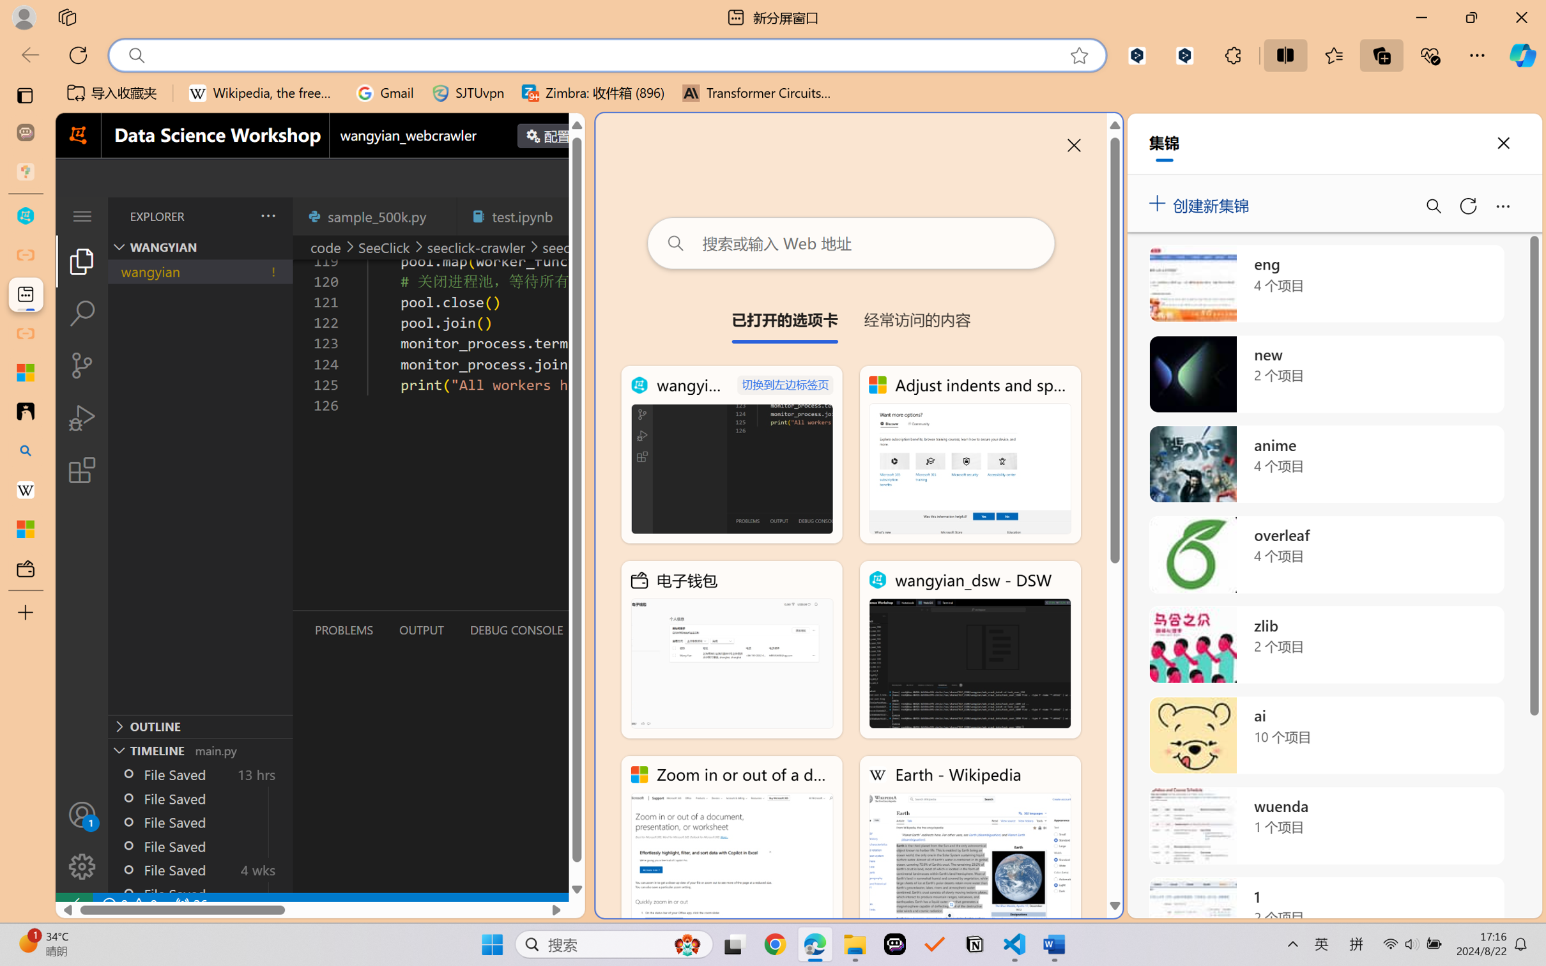 The width and height of the screenshot is (1546, 966). What do you see at coordinates (81, 417) in the screenshot?
I see `'Run and Debug (Ctrl+Shift+D)'` at bounding box center [81, 417].